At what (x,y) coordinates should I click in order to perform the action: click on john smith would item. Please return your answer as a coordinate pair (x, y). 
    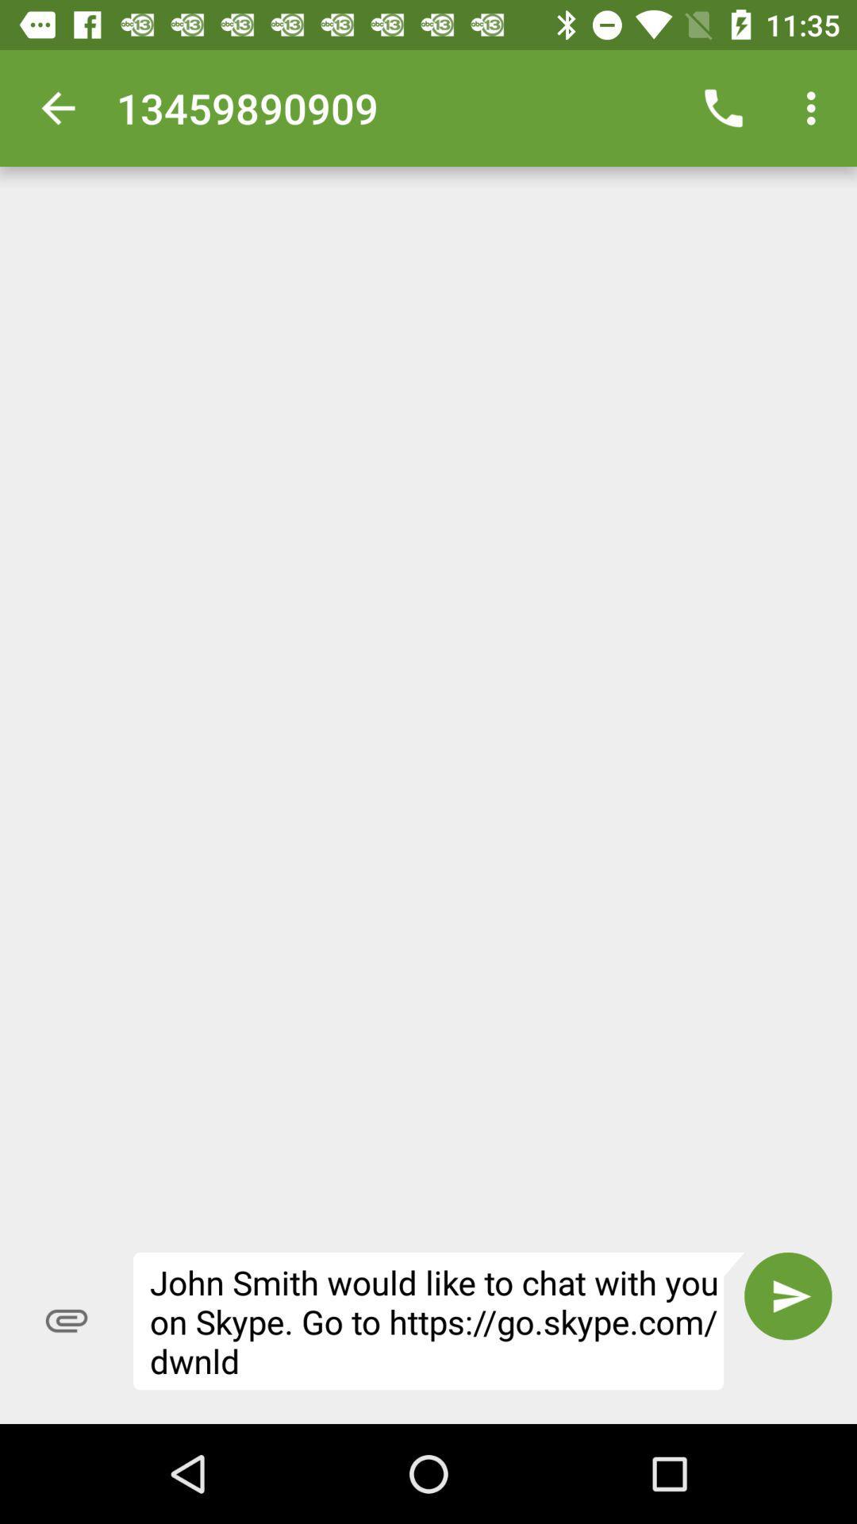
    Looking at the image, I should click on (439, 1321).